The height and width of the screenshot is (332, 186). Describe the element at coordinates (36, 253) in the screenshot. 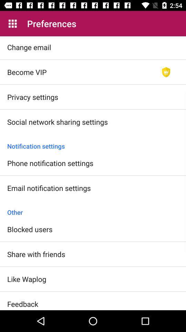

I see `icon below the blocked users item` at that location.